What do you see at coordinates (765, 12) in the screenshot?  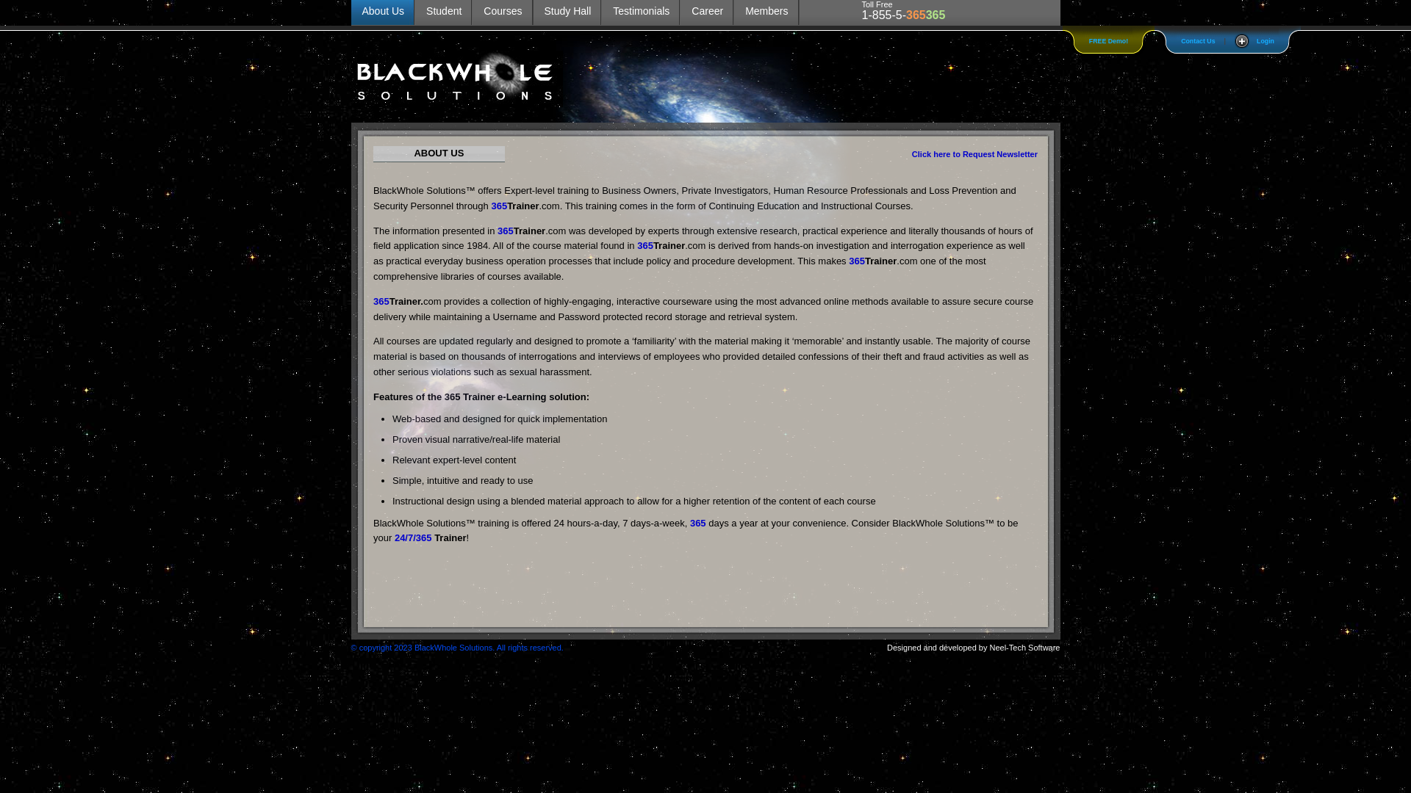 I see `'Members'` at bounding box center [765, 12].